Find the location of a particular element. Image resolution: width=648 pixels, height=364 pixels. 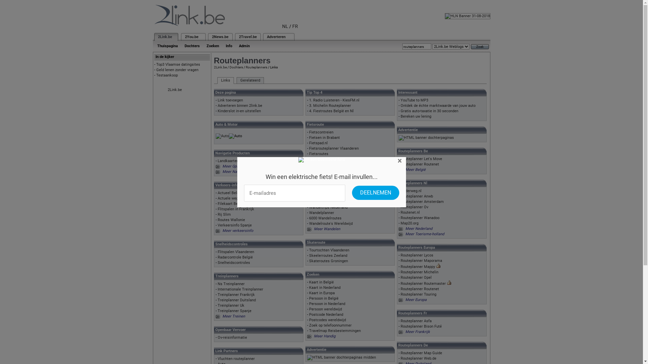

'Meer Frankrijk' is located at coordinates (417, 331).